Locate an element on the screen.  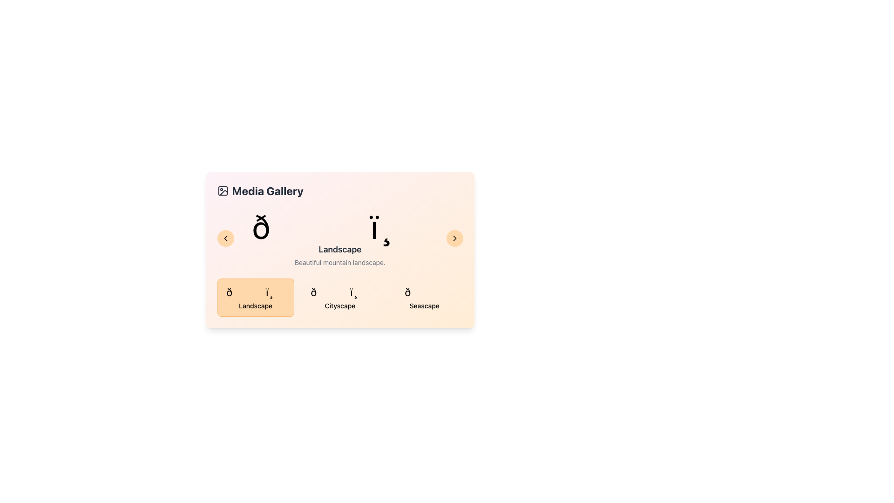
the 'Seascape' button, which features a sea wave emoji and is the third item in the grid layout is located at coordinates (424, 298).